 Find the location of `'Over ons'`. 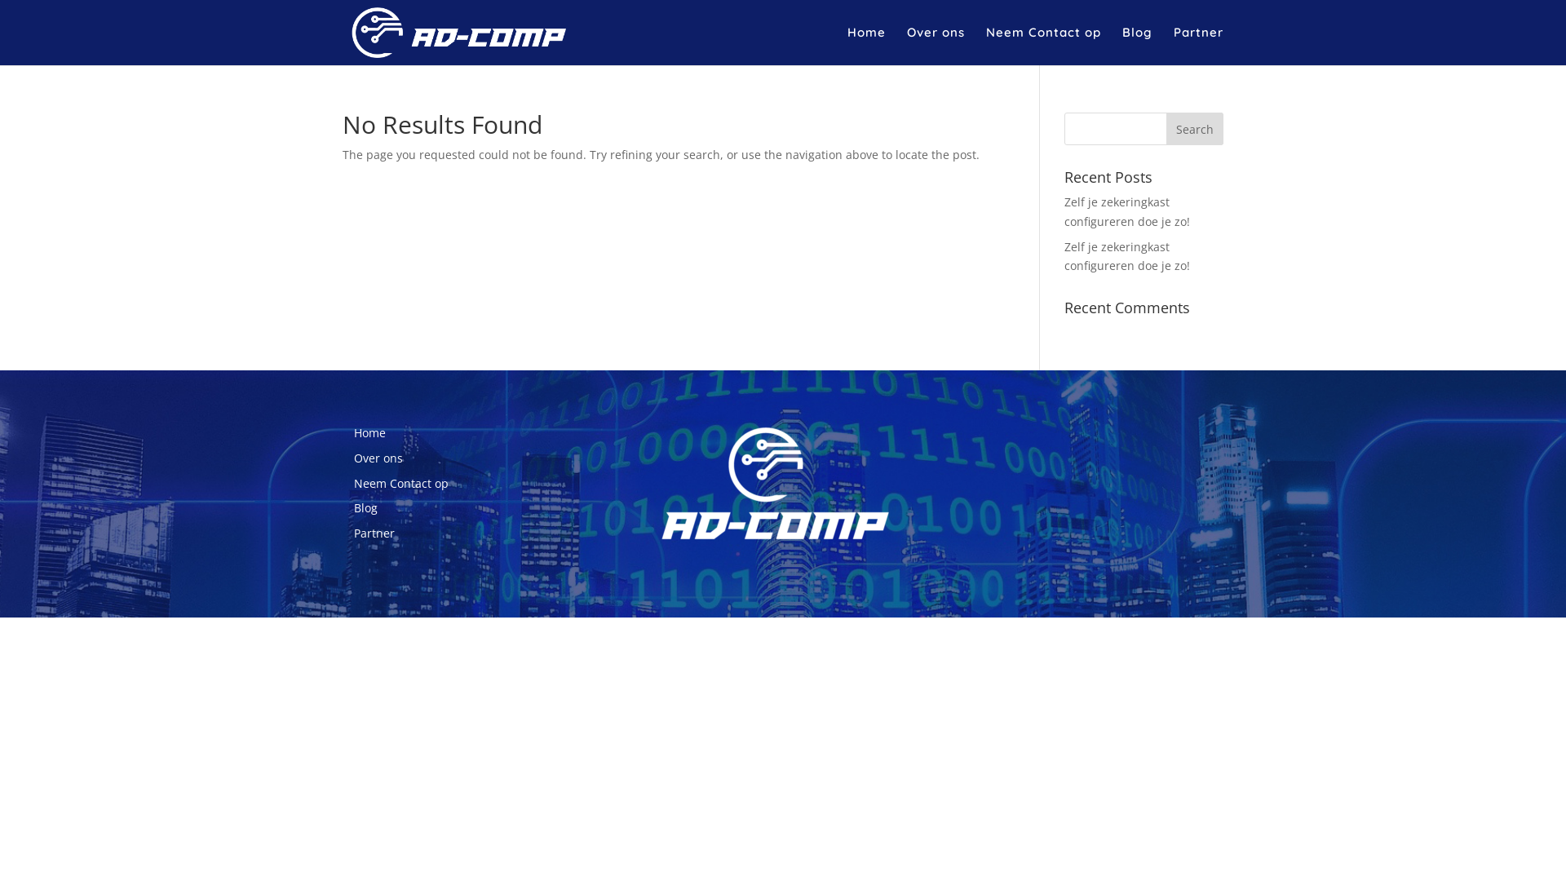

'Over ons' is located at coordinates (936, 45).